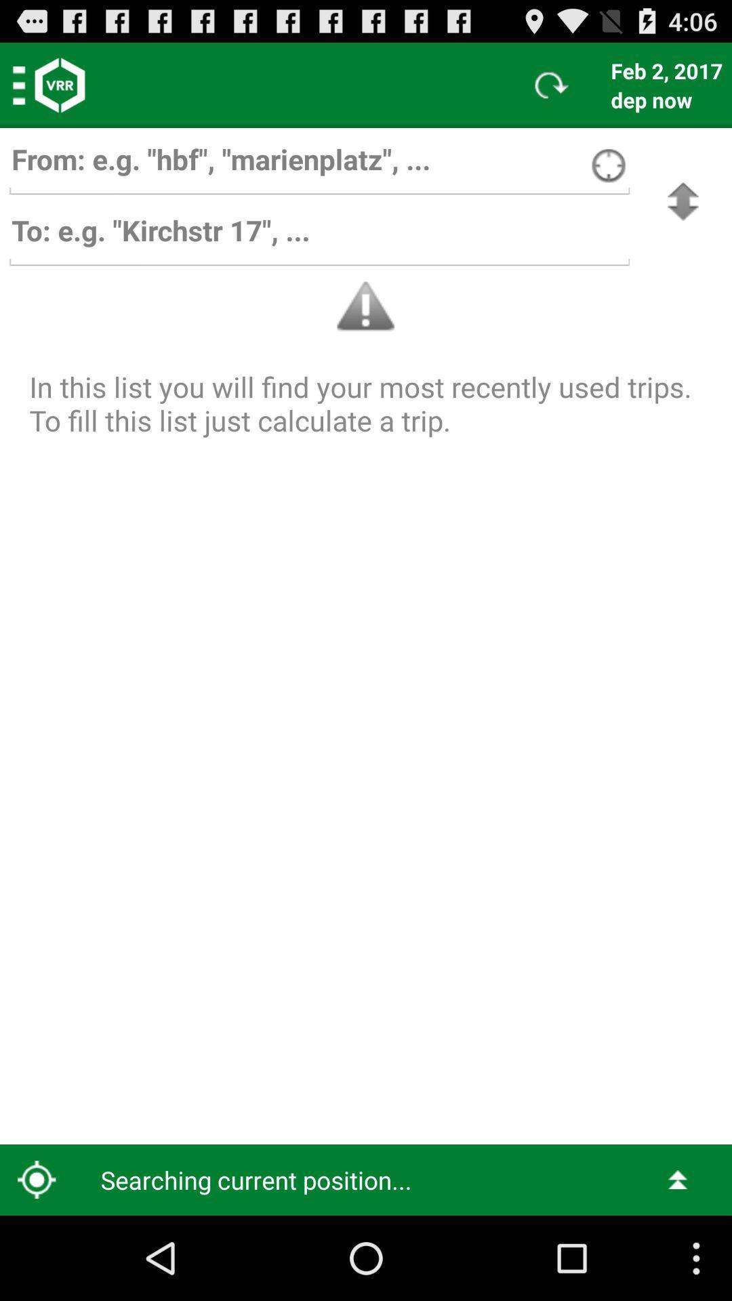 Image resolution: width=732 pixels, height=1301 pixels. What do you see at coordinates (319, 237) in the screenshot?
I see `destination` at bounding box center [319, 237].